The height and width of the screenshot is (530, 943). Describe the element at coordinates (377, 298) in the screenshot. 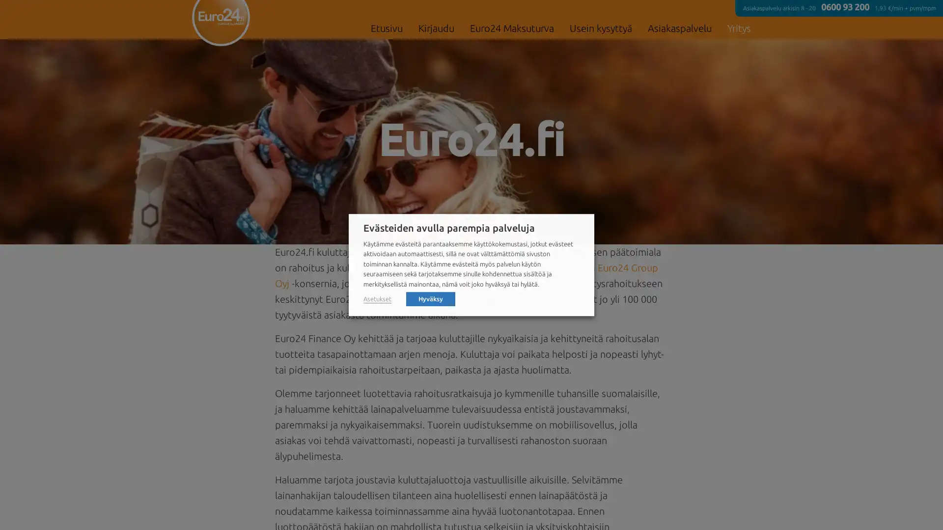

I see `Asetukset` at that location.